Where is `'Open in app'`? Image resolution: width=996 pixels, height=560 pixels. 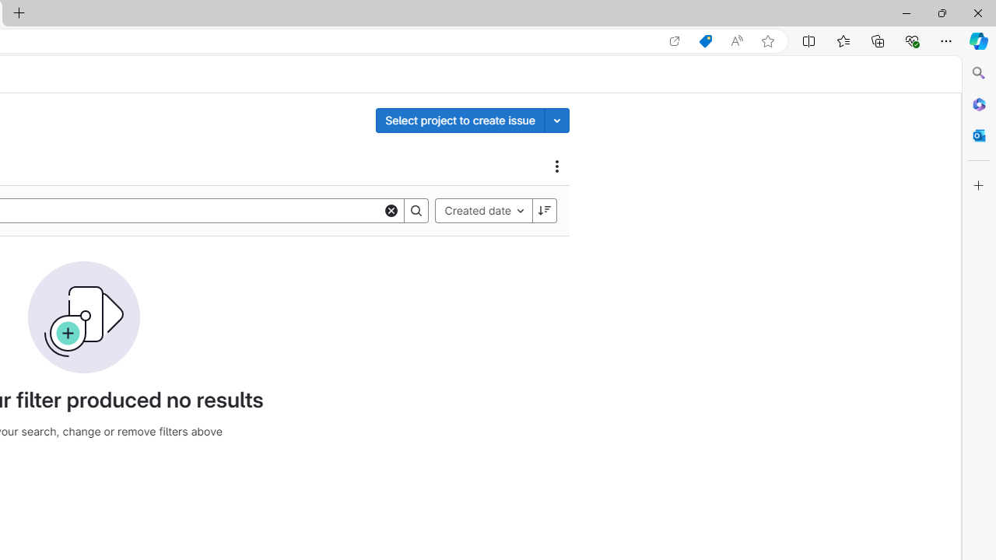 'Open in app' is located at coordinates (675, 40).